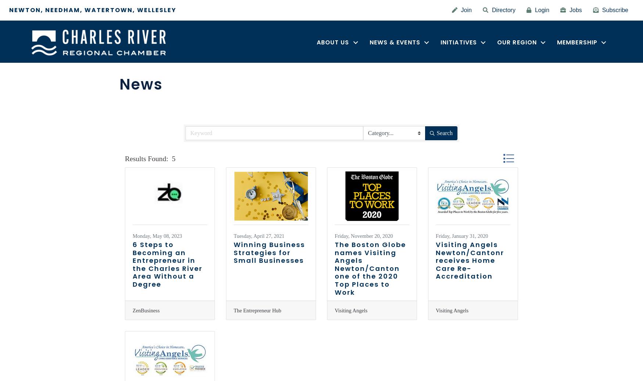 The image size is (643, 381). I want to click on 'Monday, May 08, 2023', so click(157, 236).